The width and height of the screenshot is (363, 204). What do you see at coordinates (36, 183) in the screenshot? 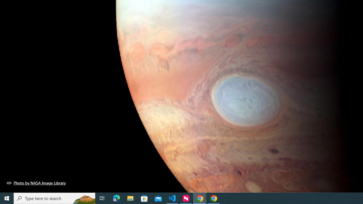
I see `'Photo by NASA Image Library'` at bounding box center [36, 183].